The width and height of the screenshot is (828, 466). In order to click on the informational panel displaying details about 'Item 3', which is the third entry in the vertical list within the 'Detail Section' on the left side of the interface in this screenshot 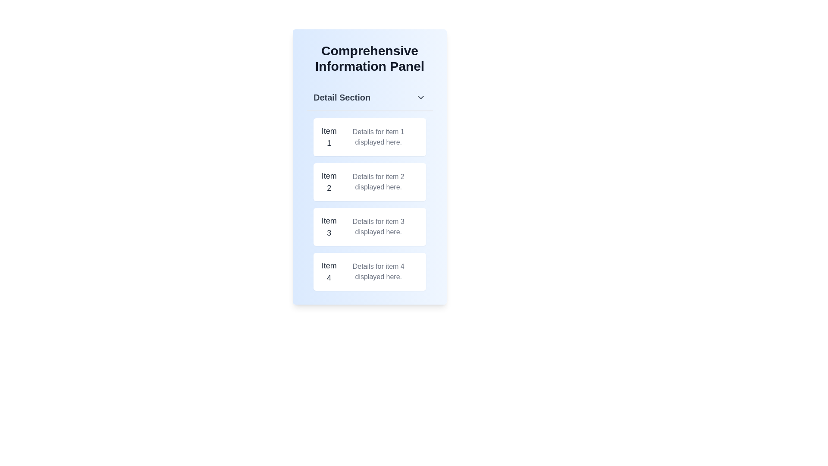, I will do `click(370, 226)`.